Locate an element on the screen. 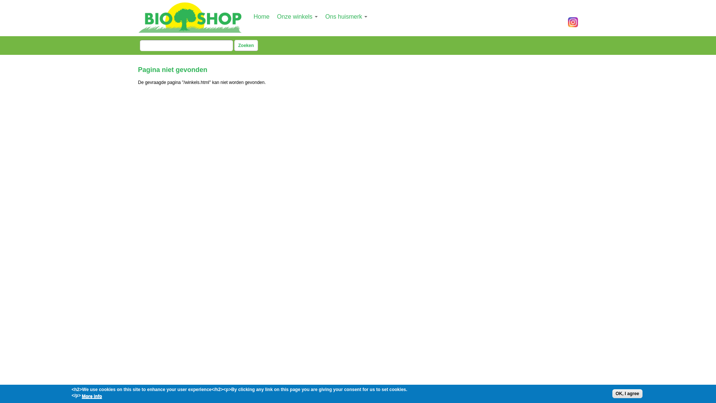  'Geef de woorden op waarnaar u wilt zoeken.' is located at coordinates (139, 46).